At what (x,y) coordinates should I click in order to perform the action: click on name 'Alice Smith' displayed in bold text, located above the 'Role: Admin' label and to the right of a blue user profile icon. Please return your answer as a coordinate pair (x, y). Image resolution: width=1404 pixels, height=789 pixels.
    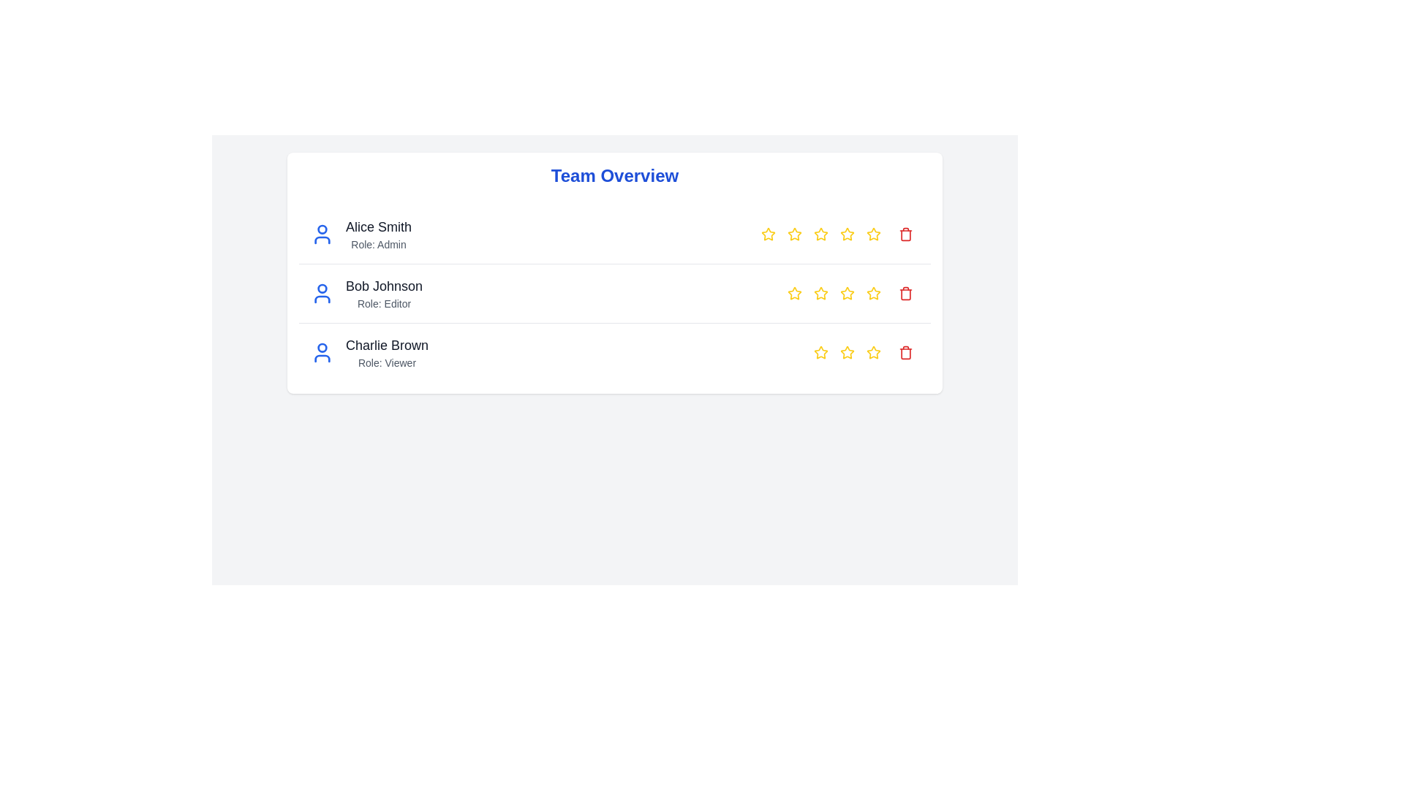
    Looking at the image, I should click on (379, 227).